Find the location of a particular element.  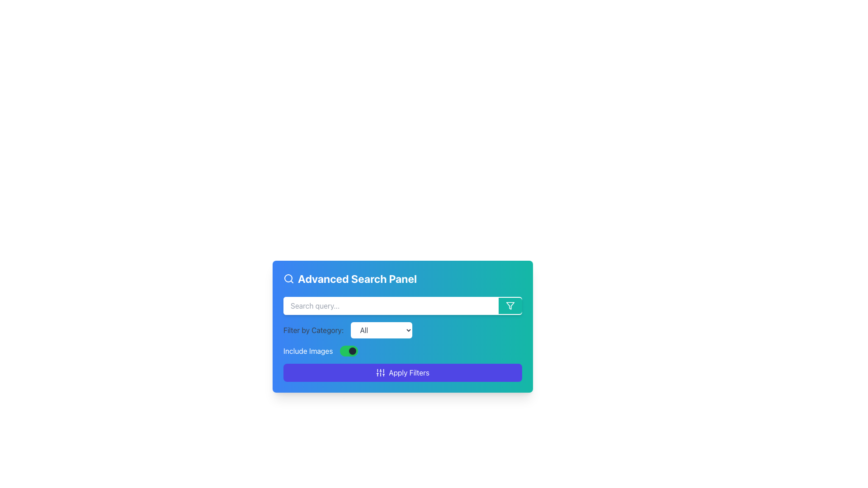

the Text Label that indicates the purpose of the advanced search interface, located centrally at the top of the panel is located at coordinates (402, 278).